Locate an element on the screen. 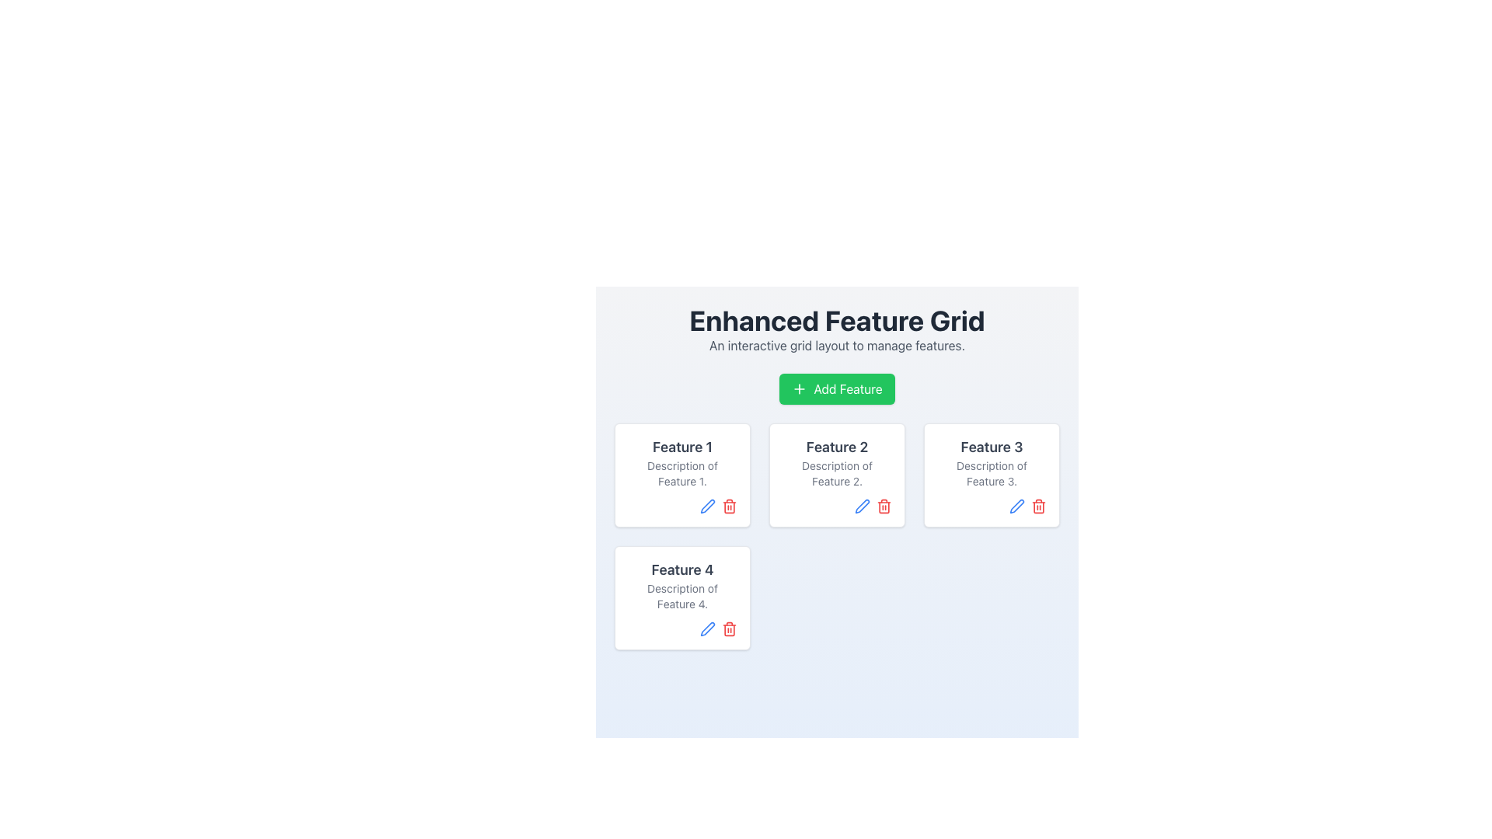 Image resolution: width=1492 pixels, height=839 pixels. and drop the List item card displaying 'Feature 1' is located at coordinates (682, 475).